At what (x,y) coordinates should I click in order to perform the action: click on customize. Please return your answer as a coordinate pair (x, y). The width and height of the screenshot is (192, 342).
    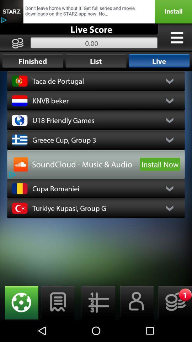
    Looking at the image, I should click on (176, 37).